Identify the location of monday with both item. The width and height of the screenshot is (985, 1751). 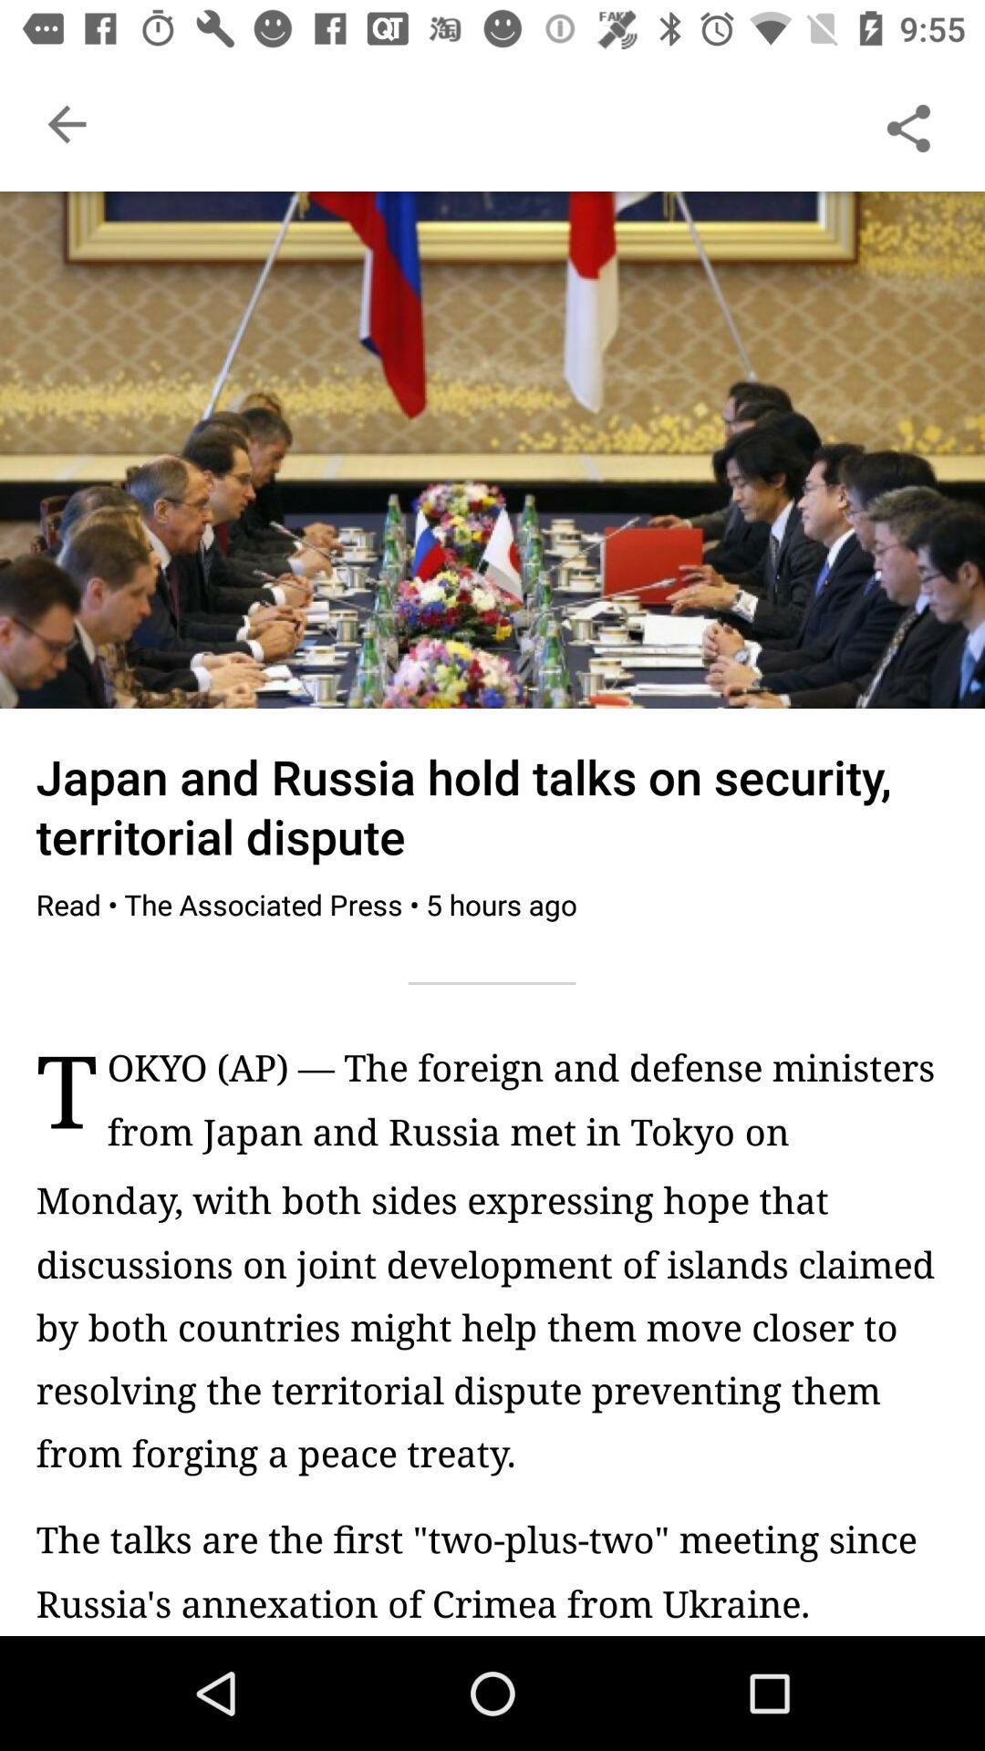
(493, 1326).